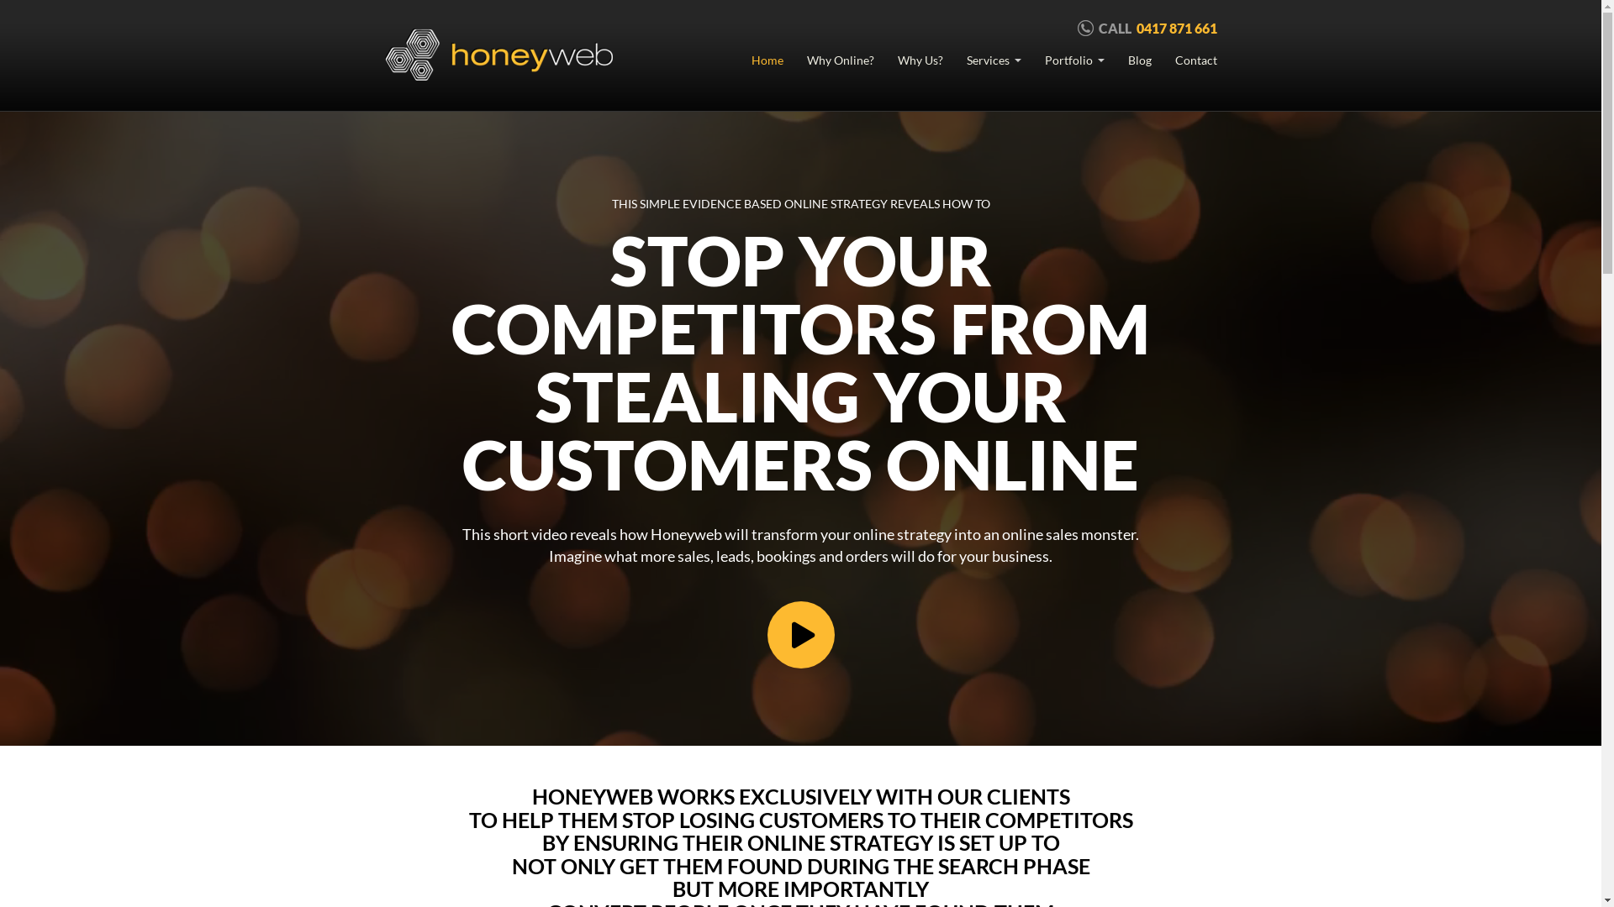 The image size is (1614, 907). What do you see at coordinates (967, 60) in the screenshot?
I see `'Services'` at bounding box center [967, 60].